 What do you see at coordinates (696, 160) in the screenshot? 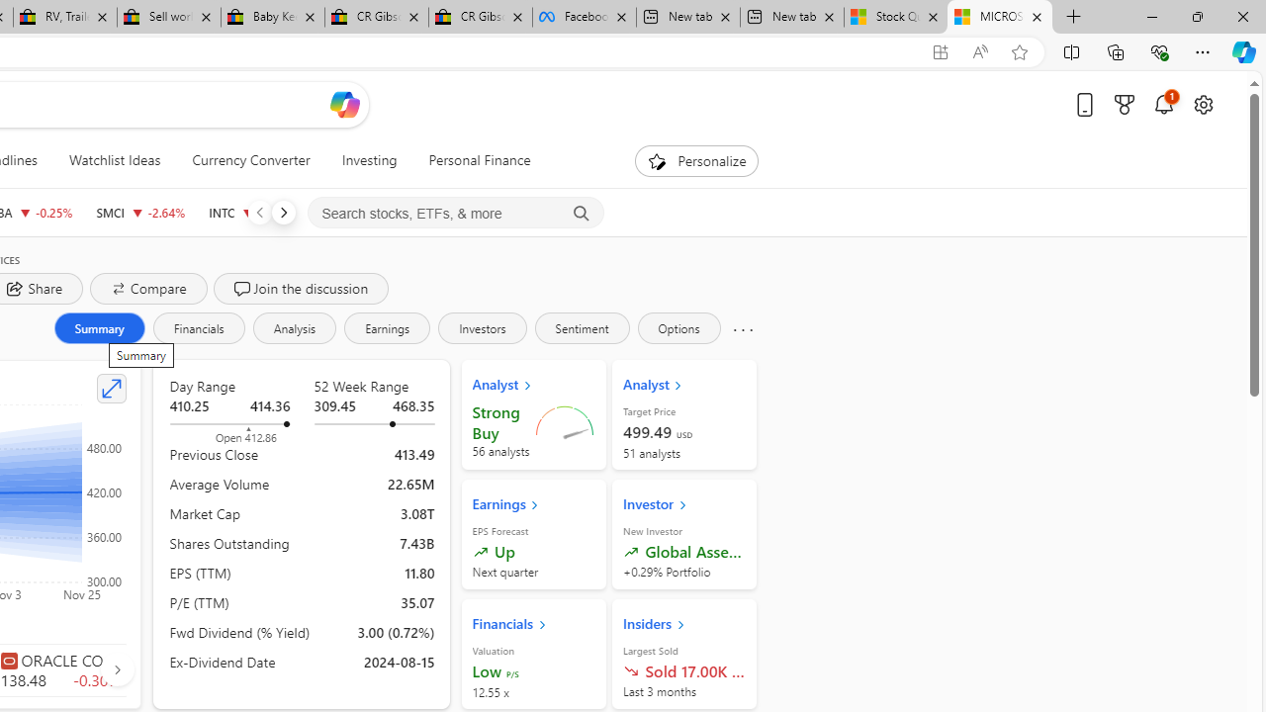
I see `'Personalize'` at bounding box center [696, 160].